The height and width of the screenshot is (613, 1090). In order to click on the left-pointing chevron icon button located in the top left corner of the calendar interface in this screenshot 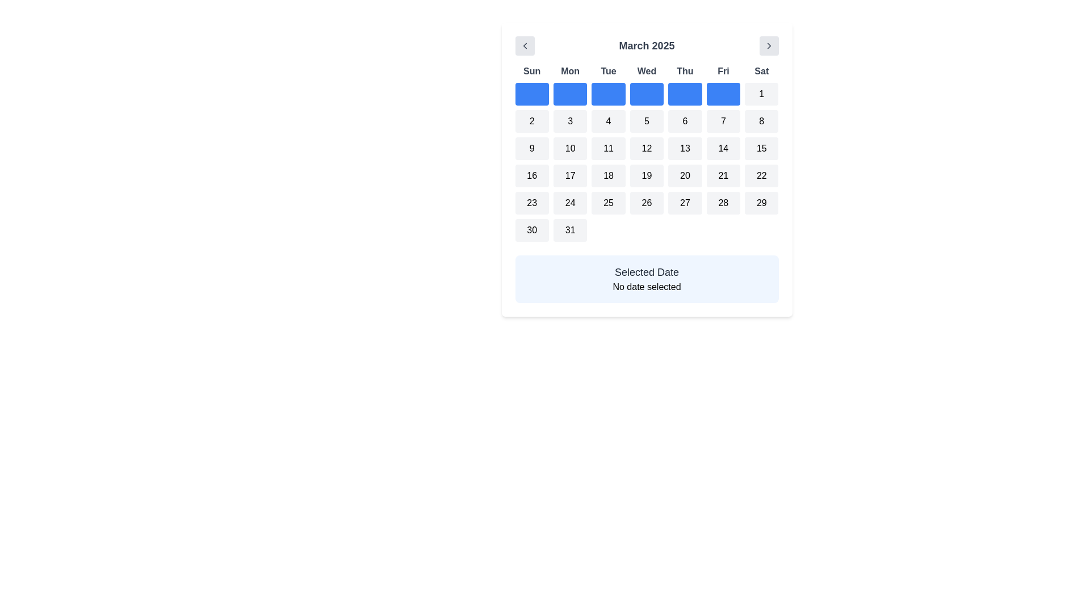, I will do `click(524, 45)`.